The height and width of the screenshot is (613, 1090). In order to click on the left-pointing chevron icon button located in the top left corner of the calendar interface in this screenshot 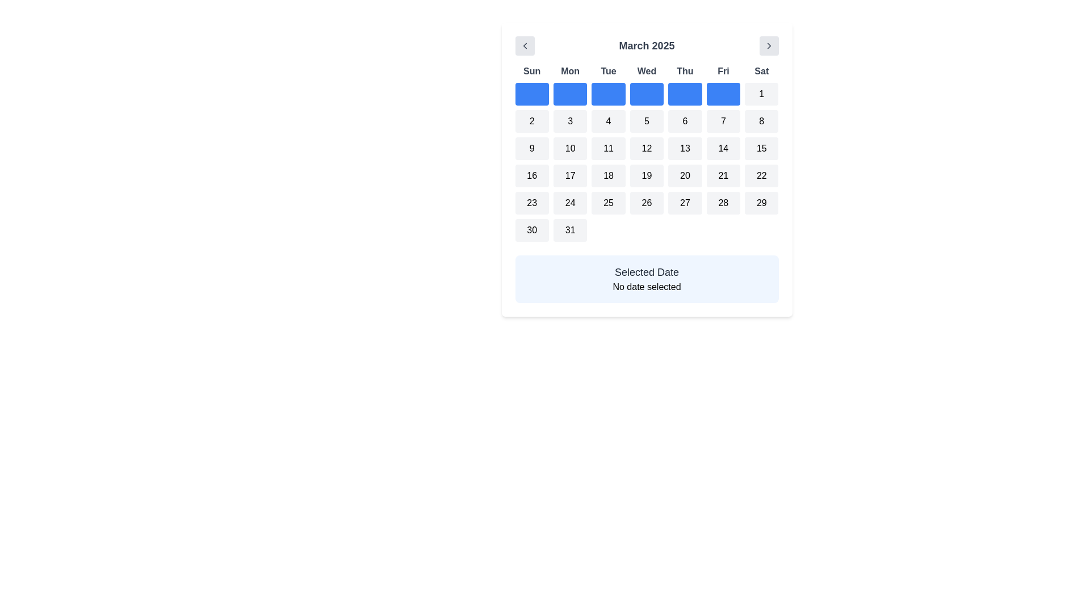, I will do `click(524, 45)`.